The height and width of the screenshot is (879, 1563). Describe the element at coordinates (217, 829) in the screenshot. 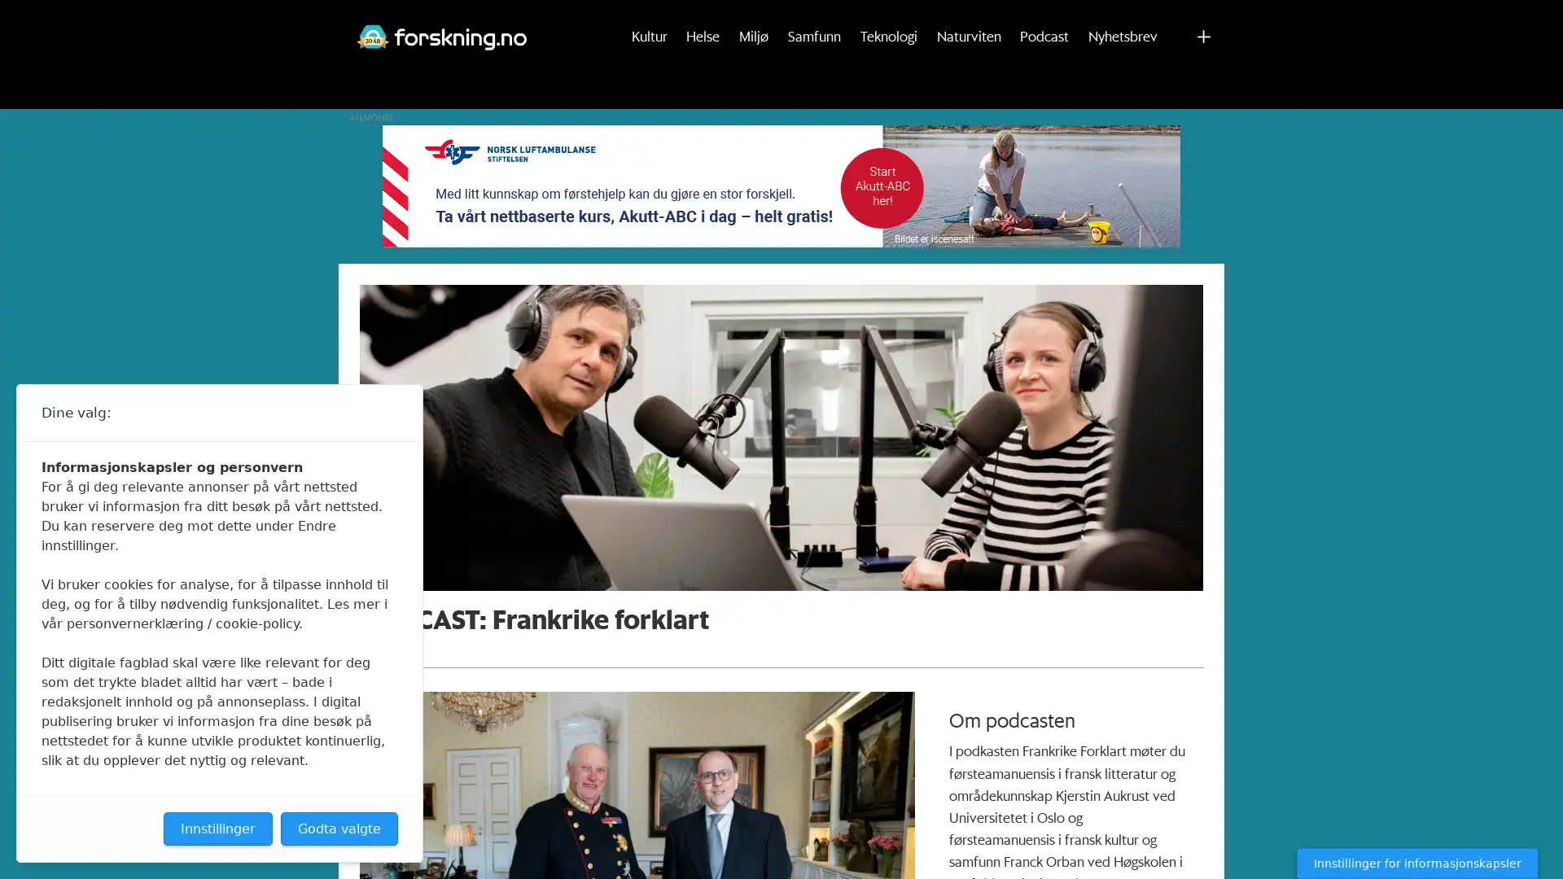

I see `Innstillinger` at that location.